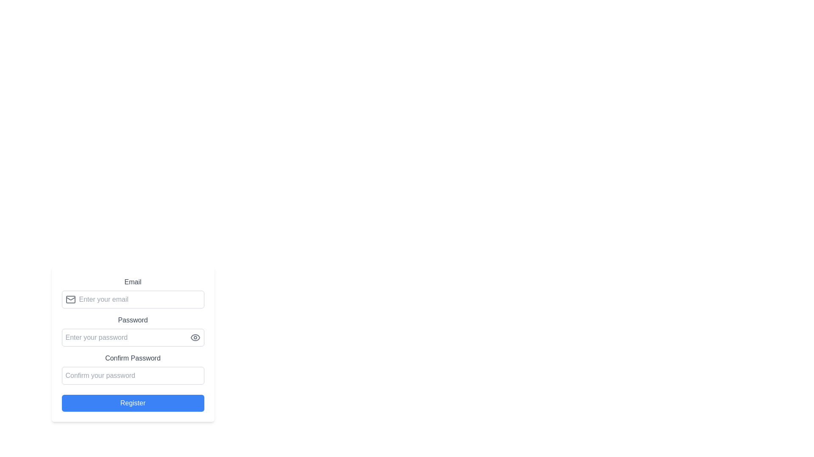 Image resolution: width=814 pixels, height=457 pixels. I want to click on the Password Input Field with the placeholder text 'Confirm your password' to focus the input field, so click(132, 375).